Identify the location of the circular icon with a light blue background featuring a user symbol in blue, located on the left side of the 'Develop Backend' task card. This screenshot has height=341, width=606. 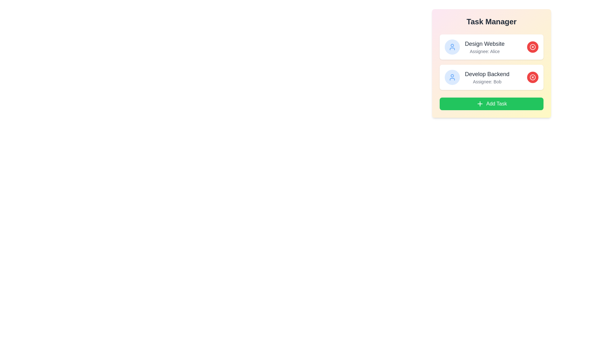
(452, 77).